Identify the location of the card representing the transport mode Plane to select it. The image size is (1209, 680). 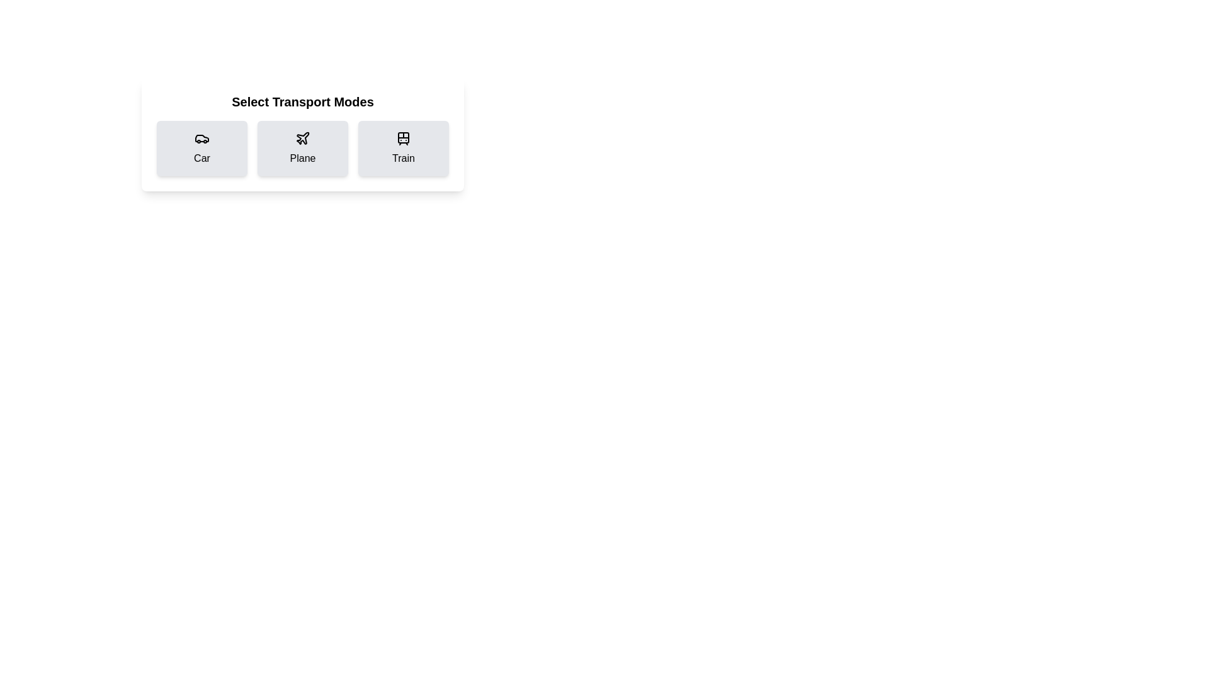
(302, 147).